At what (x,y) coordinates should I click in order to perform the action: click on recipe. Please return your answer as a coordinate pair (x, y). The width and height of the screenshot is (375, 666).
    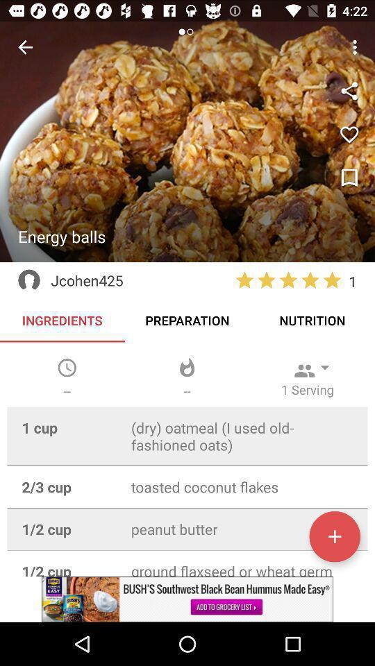
    Looking at the image, I should click on (349, 135).